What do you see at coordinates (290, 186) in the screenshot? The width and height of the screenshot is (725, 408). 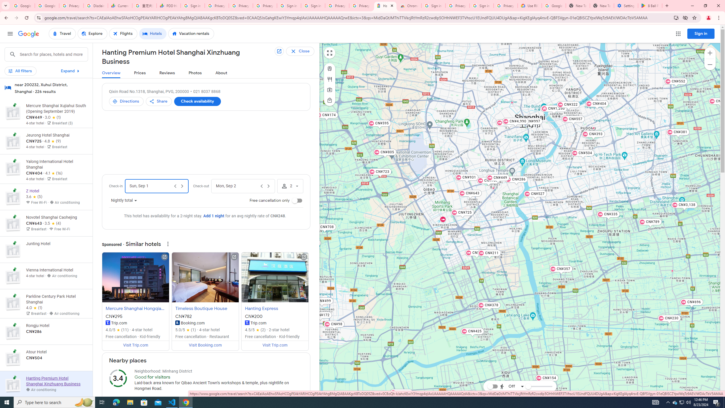 I see `'Number of travelers. Current number of travelers is 2.'` at bounding box center [290, 186].